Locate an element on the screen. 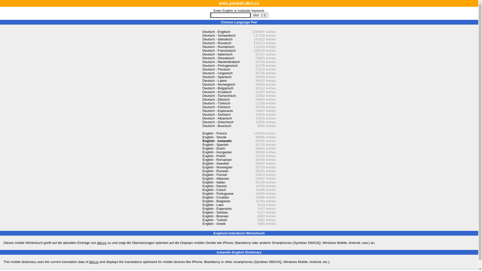  'Deutsch - Norwegisch' is located at coordinates (218, 84).